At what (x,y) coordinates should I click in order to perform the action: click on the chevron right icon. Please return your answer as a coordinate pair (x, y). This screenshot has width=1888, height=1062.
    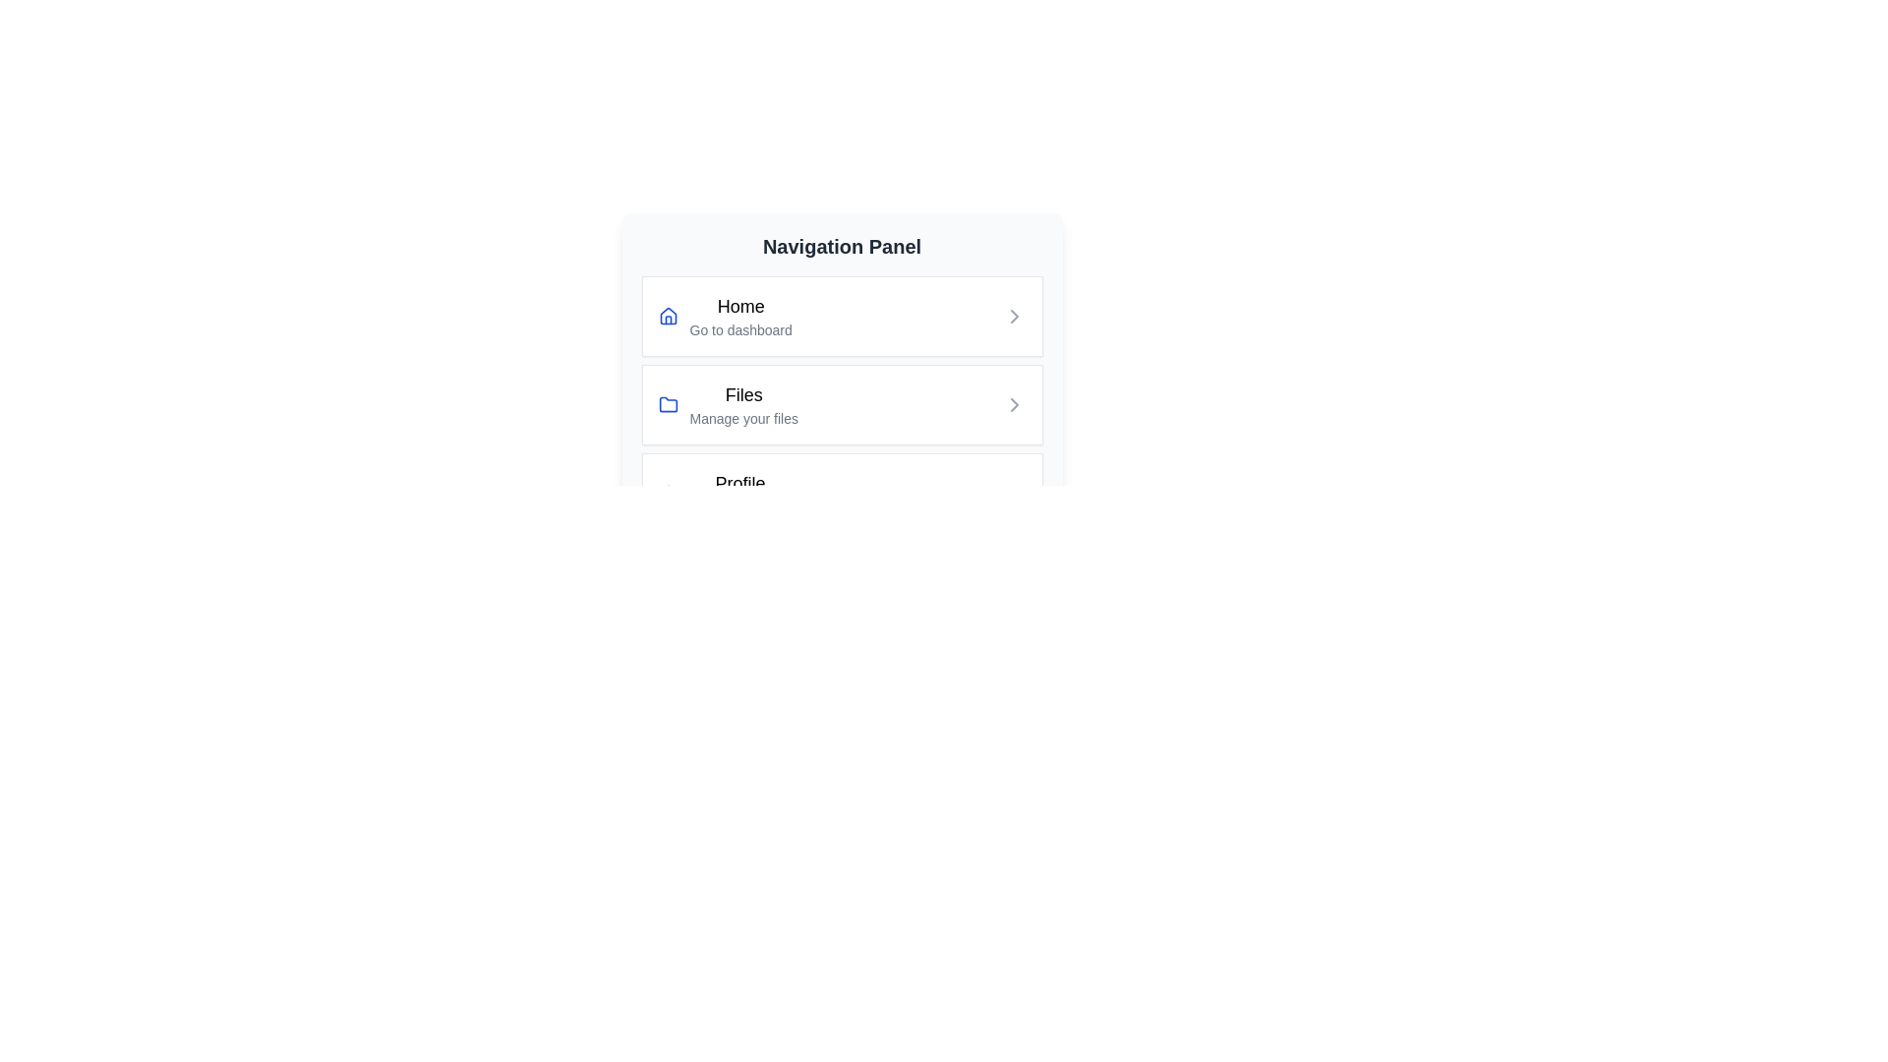
    Looking at the image, I should click on (1014, 404).